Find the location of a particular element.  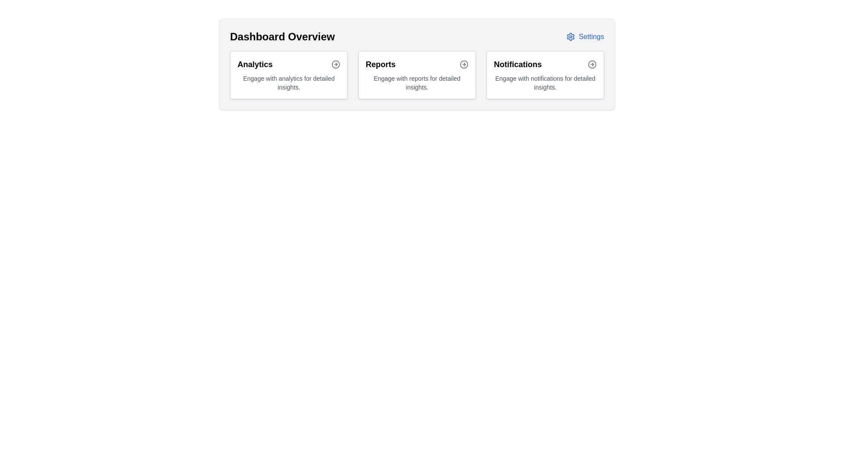

the 'Settings' button with the blue gear icon located in the upper right portion of the header area is located at coordinates (585, 36).